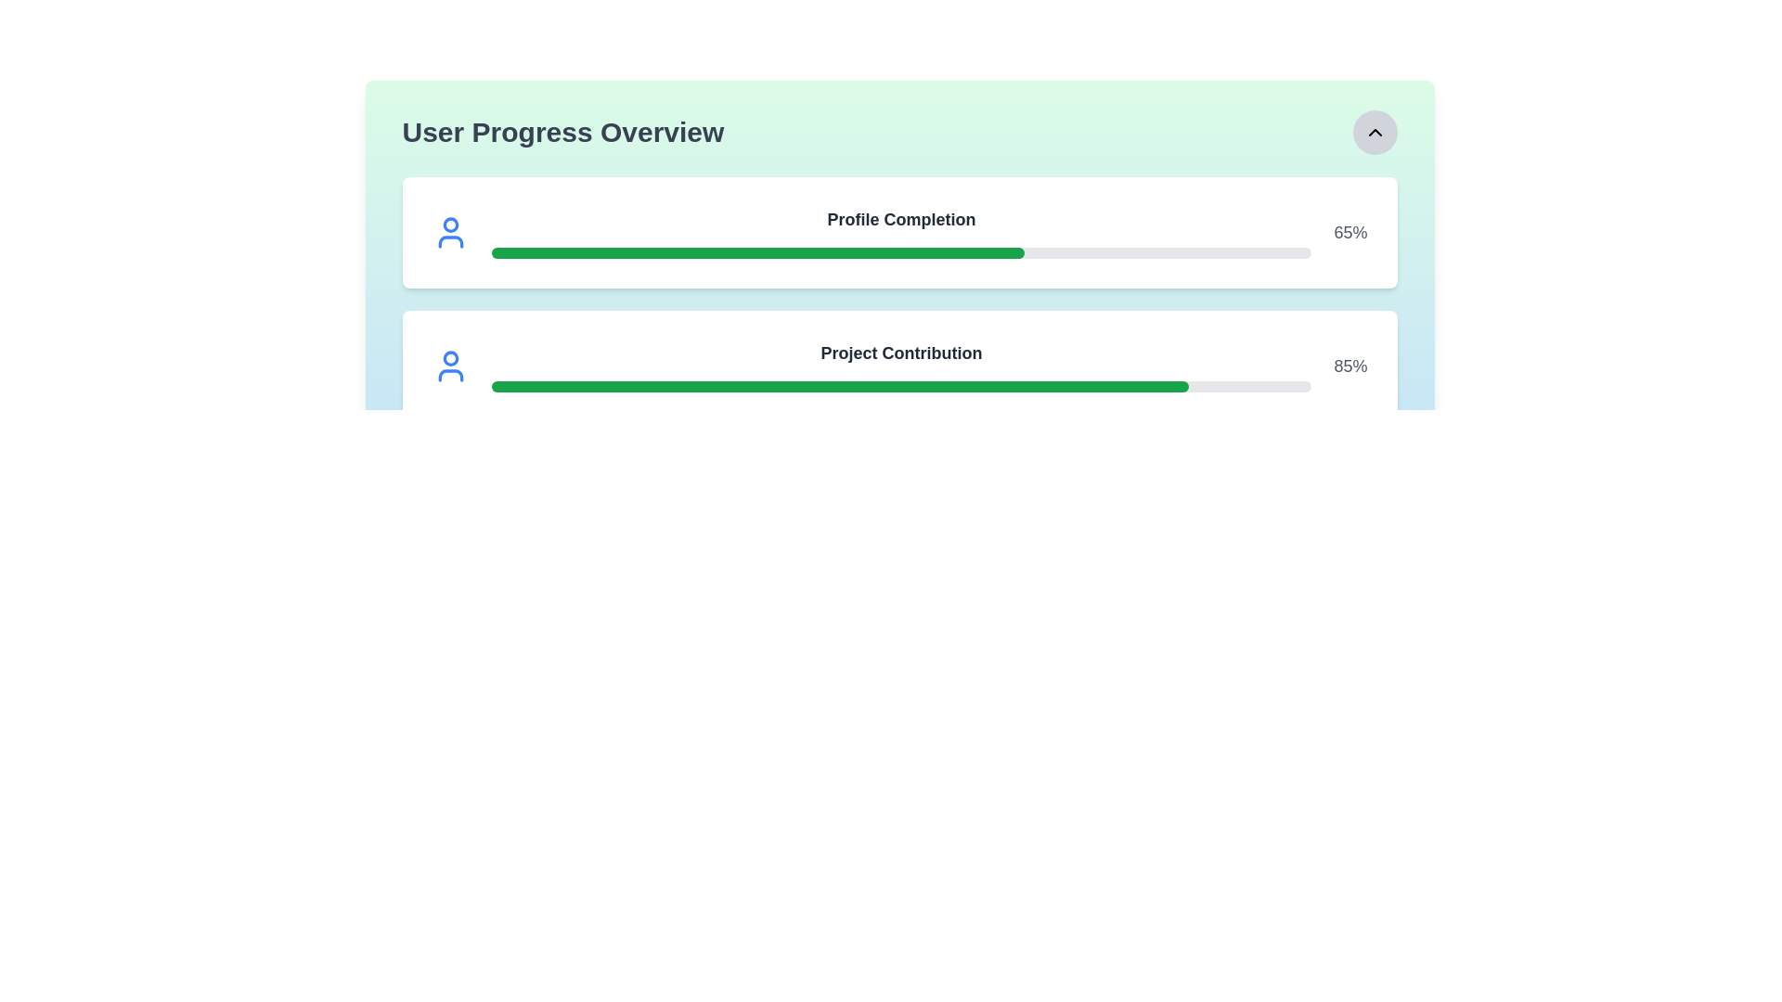  Describe the element at coordinates (450, 376) in the screenshot. I see `the blue curved line element that forms the lower part of the user icon in the second row of the 'User Progress Overview' section, next to the 'Project Contribution' progress bar` at that location.